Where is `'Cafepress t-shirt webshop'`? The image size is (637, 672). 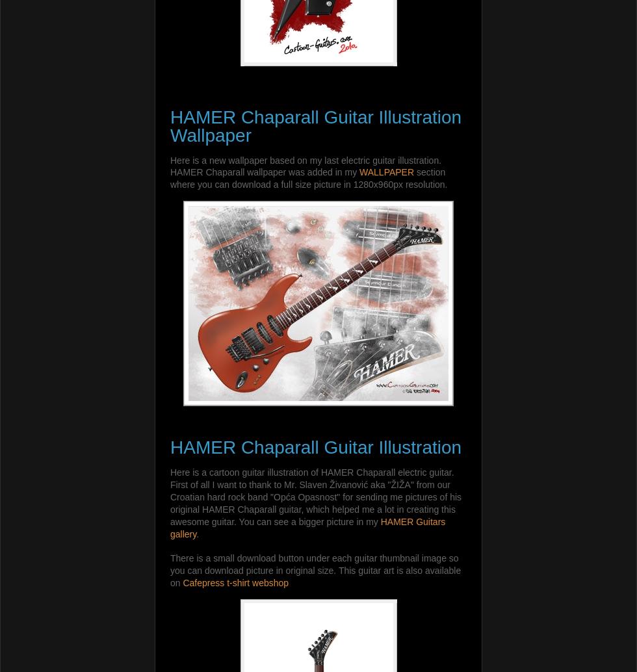 'Cafepress t-shirt webshop' is located at coordinates (182, 582).